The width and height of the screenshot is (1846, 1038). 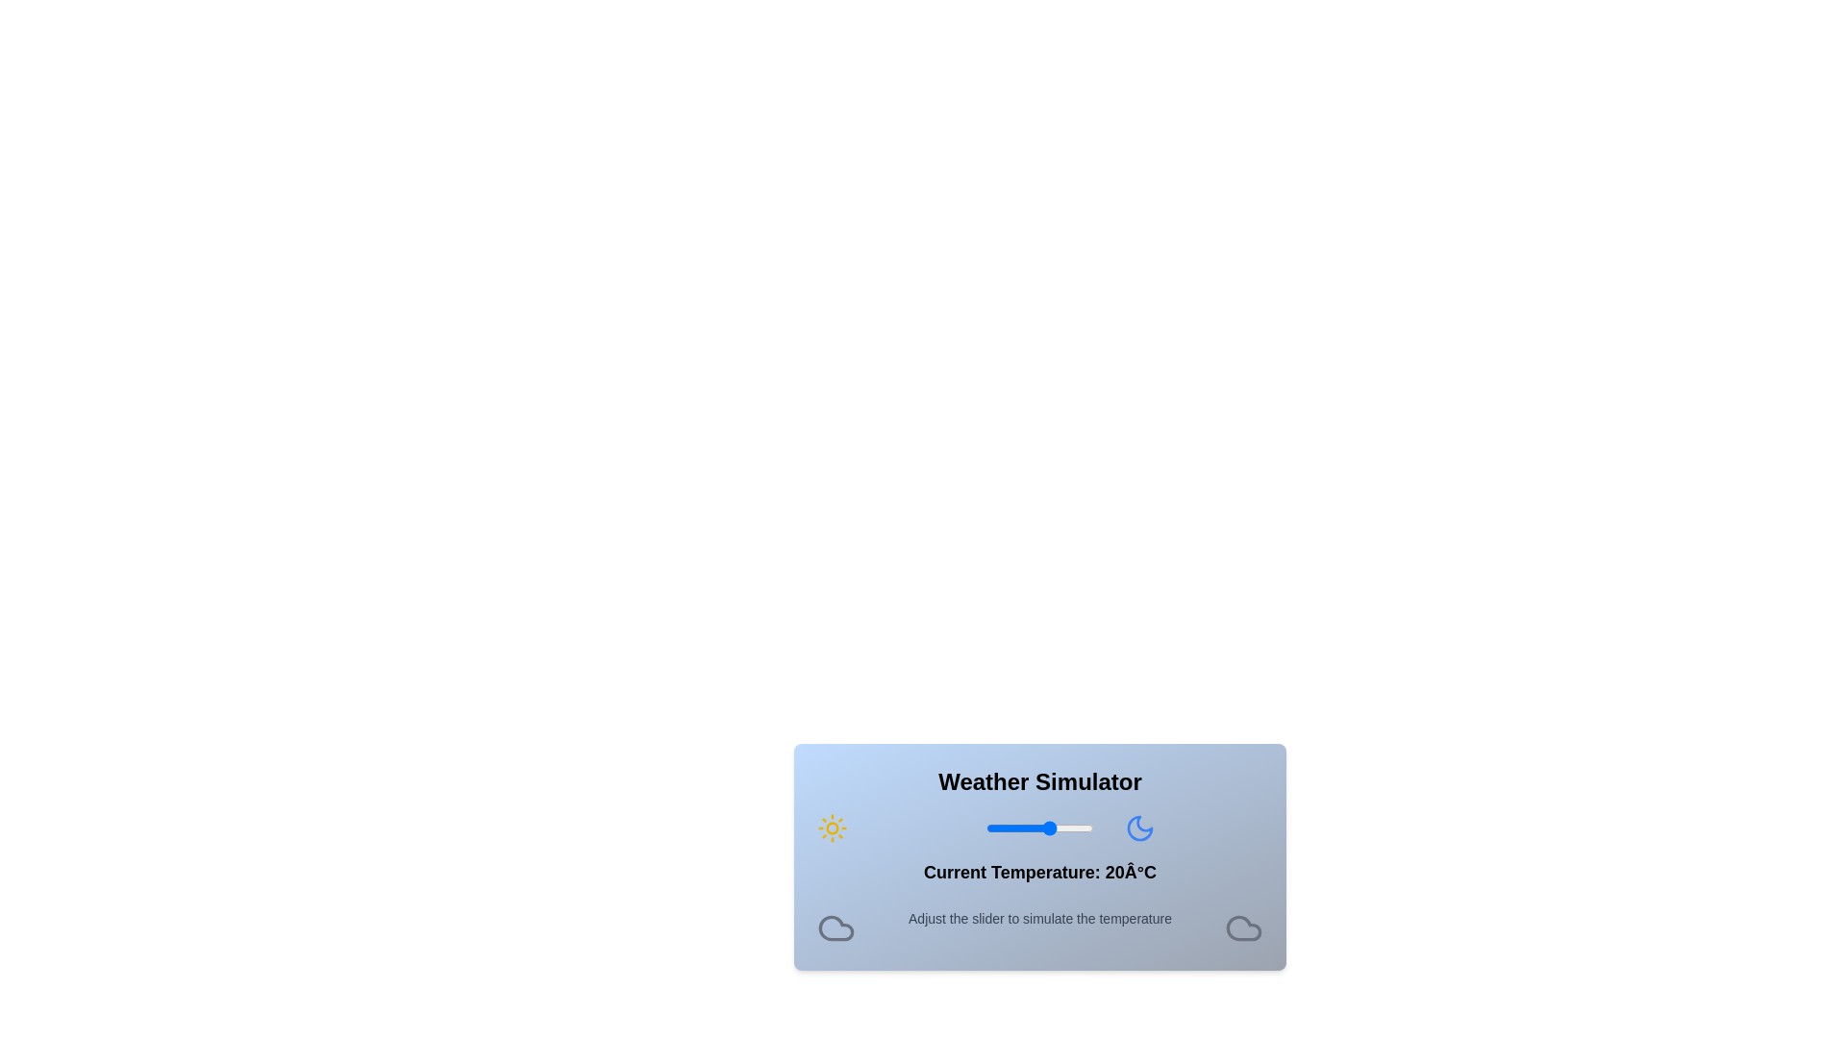 What do you see at coordinates (997, 827) in the screenshot?
I see `the temperature slider to set the temperature to -5 degrees Celsius` at bounding box center [997, 827].